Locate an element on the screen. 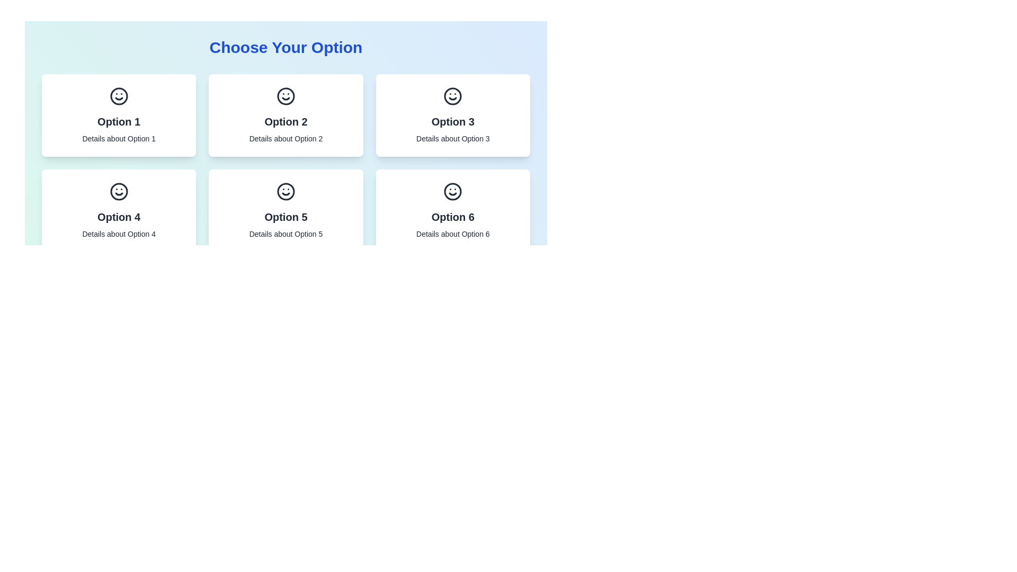 Image resolution: width=1017 pixels, height=572 pixels. the circular smiley face icon with a black outline located above the text 'Option 4' in the card situated in the second row and first column of the grid layout is located at coordinates (119, 192).